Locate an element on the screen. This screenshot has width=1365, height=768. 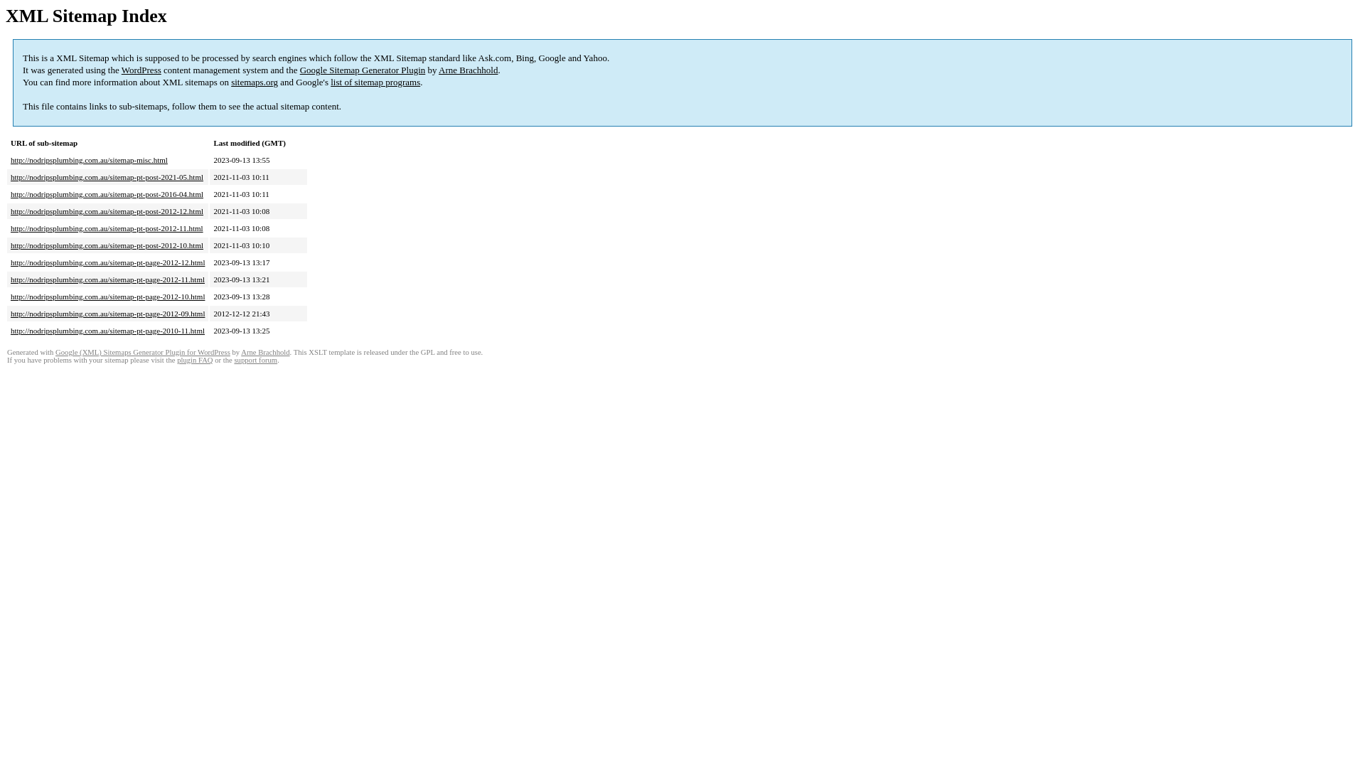
'plugin FAQ' is located at coordinates (193, 359).